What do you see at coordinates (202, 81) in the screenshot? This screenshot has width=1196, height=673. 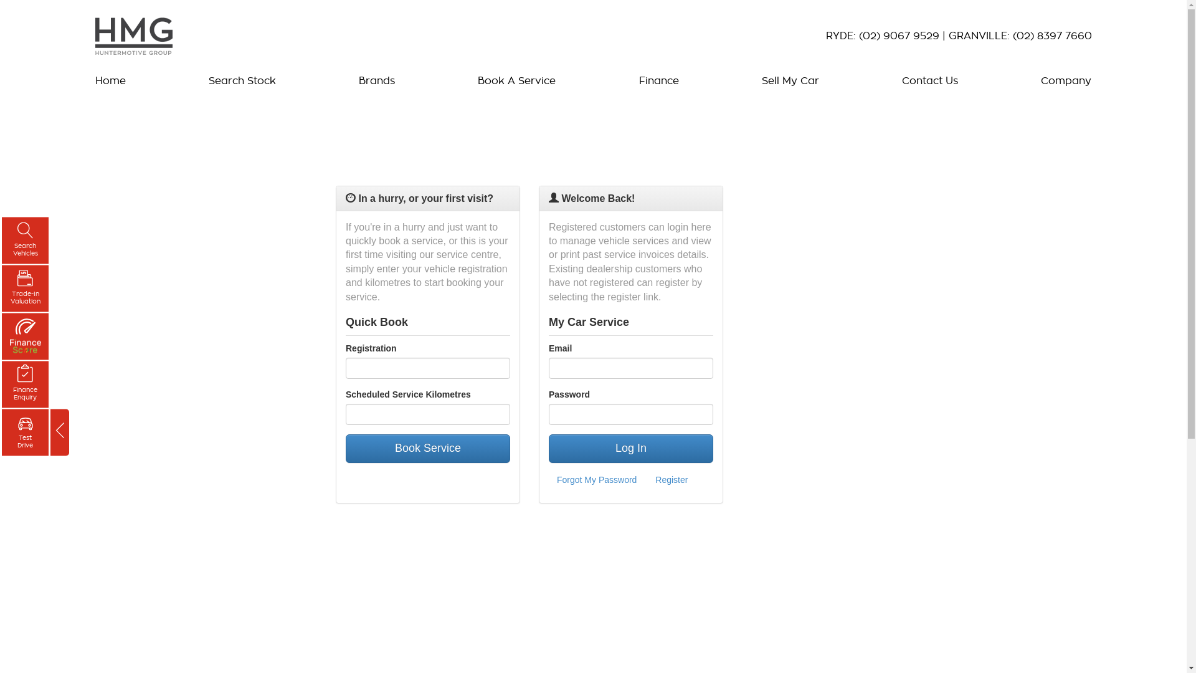 I see `'Search Stock'` at bounding box center [202, 81].